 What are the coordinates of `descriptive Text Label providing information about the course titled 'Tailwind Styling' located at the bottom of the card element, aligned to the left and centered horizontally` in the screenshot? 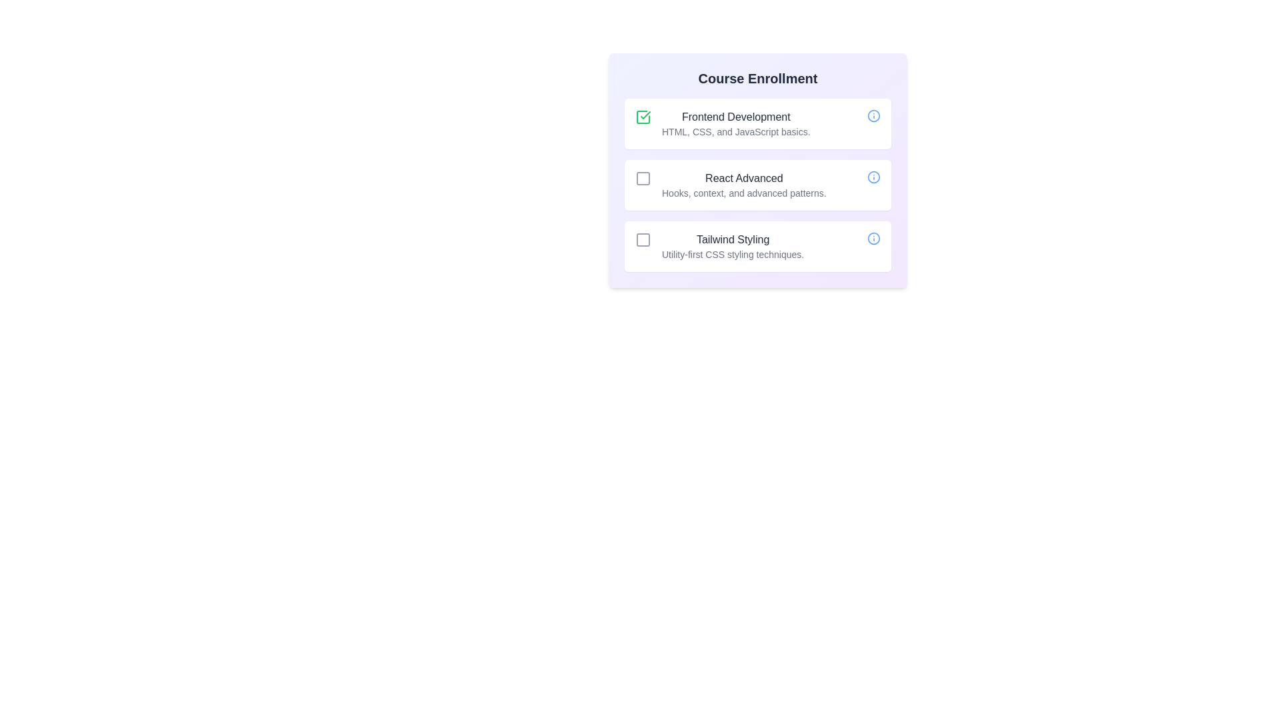 It's located at (732, 254).